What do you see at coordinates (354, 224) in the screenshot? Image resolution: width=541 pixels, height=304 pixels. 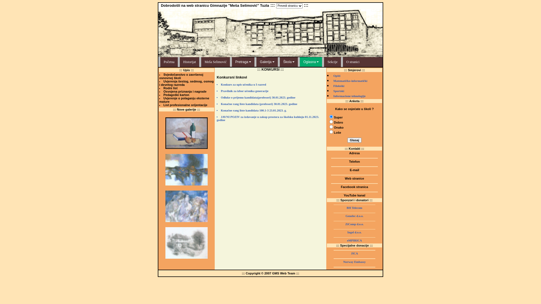 I see `'ZiComp d.o.o.'` at bounding box center [354, 224].